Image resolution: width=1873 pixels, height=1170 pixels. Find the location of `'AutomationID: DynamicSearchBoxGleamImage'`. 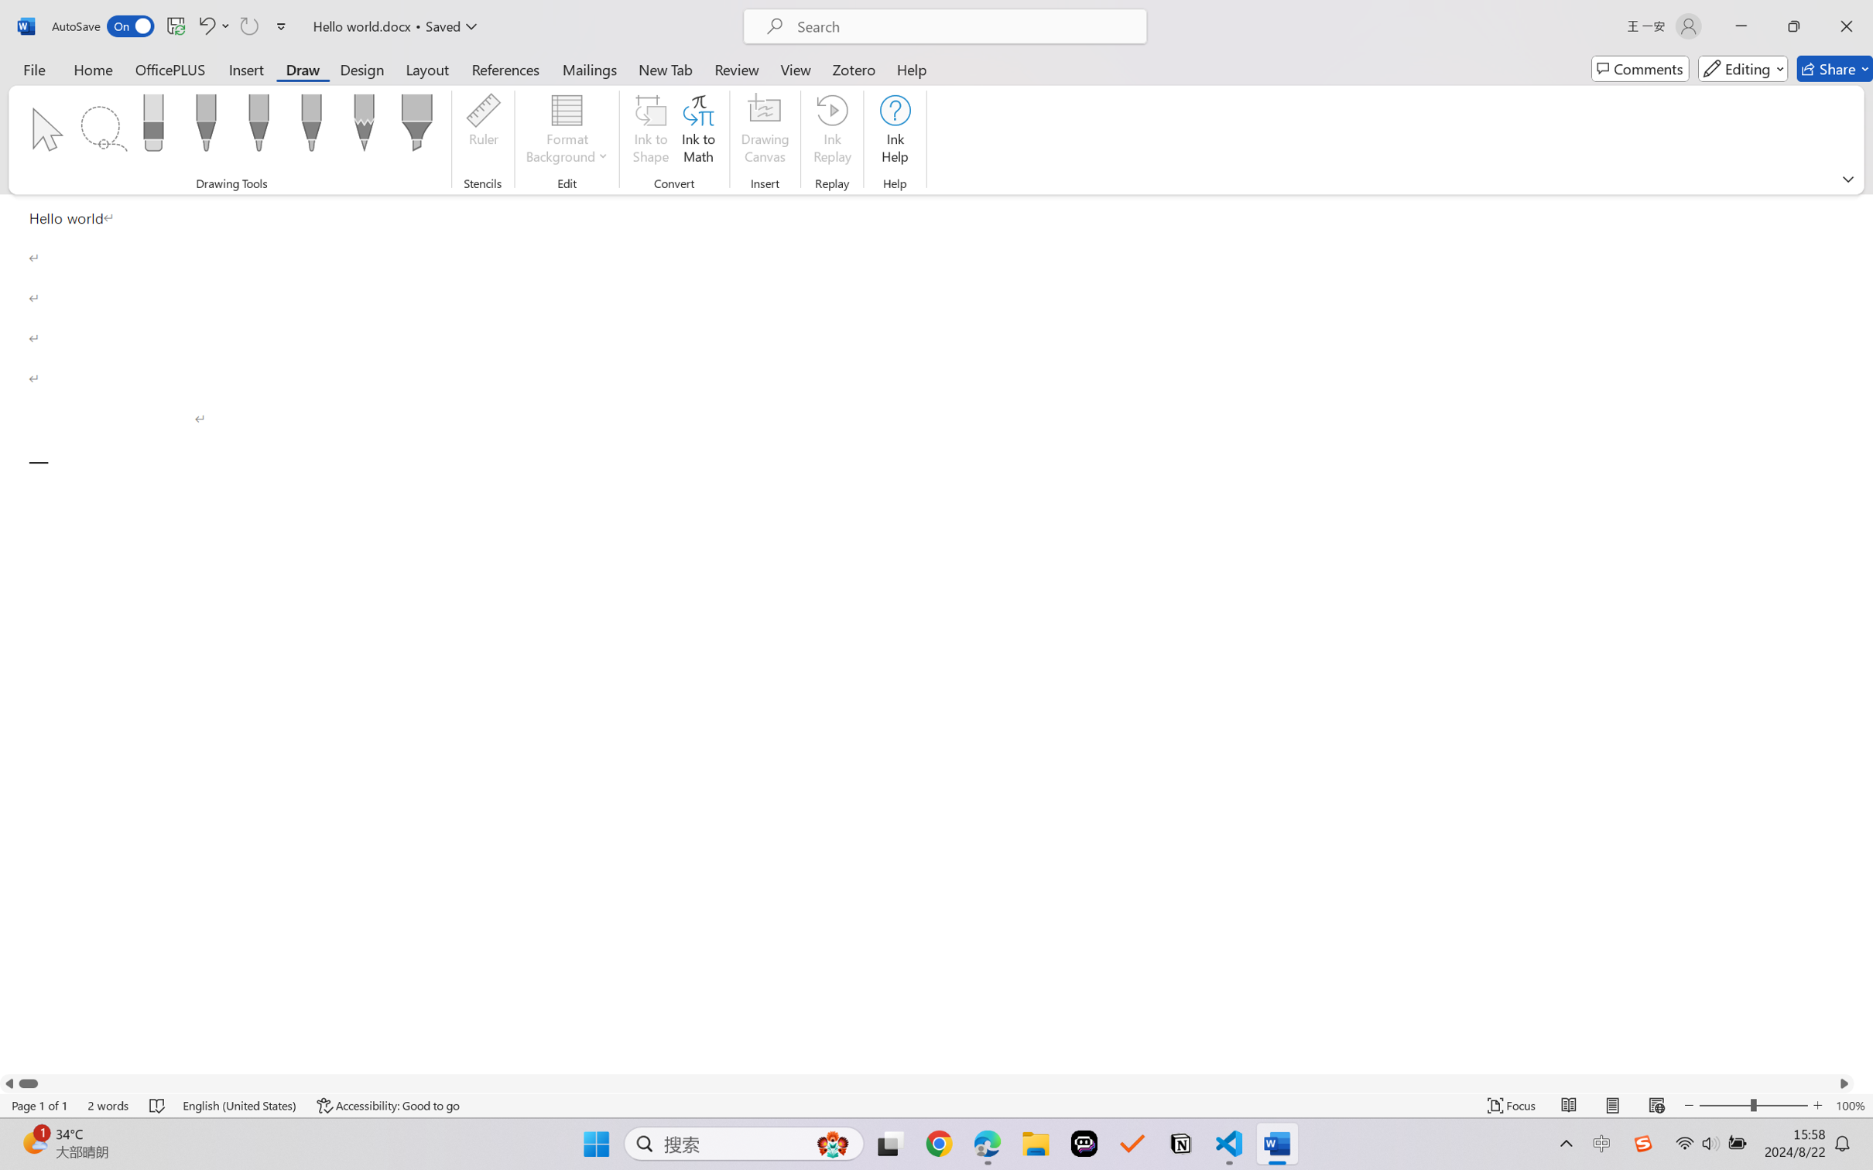

'AutomationID: DynamicSearchBoxGleamImage' is located at coordinates (833, 1144).